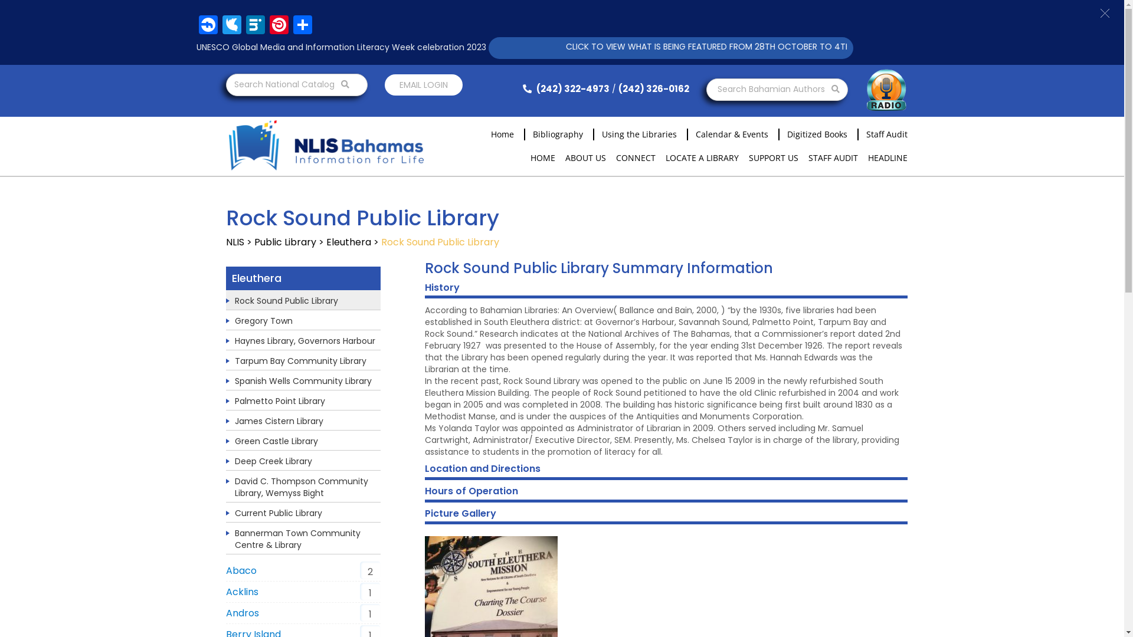 Image resolution: width=1133 pixels, height=637 pixels. What do you see at coordinates (779, 133) in the screenshot?
I see `'Digitized Books'` at bounding box center [779, 133].